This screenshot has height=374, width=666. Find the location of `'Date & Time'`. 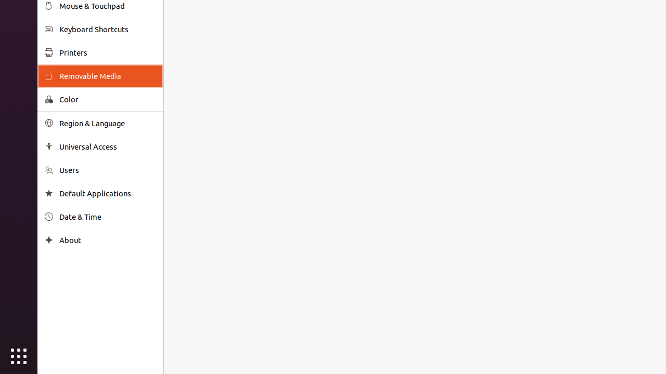

'Date & Time' is located at coordinates (107, 216).